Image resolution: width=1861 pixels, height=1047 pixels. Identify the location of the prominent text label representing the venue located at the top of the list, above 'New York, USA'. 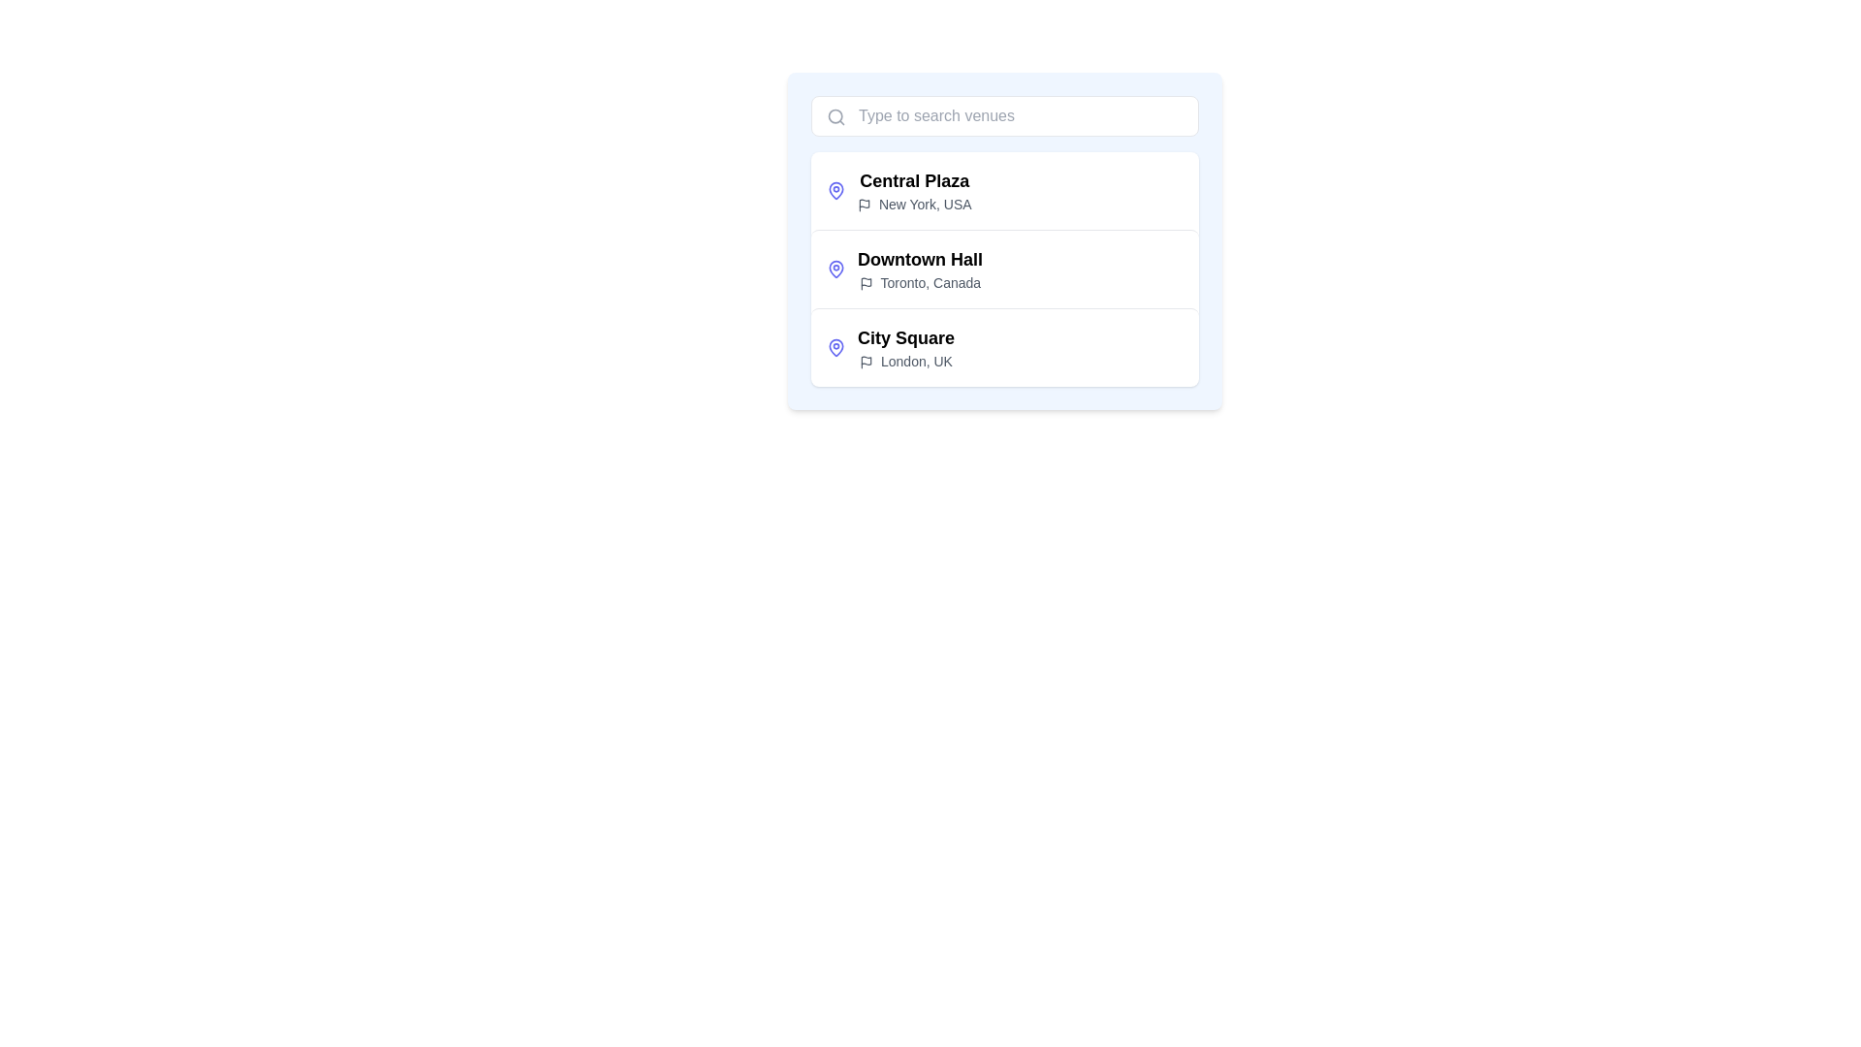
(913, 180).